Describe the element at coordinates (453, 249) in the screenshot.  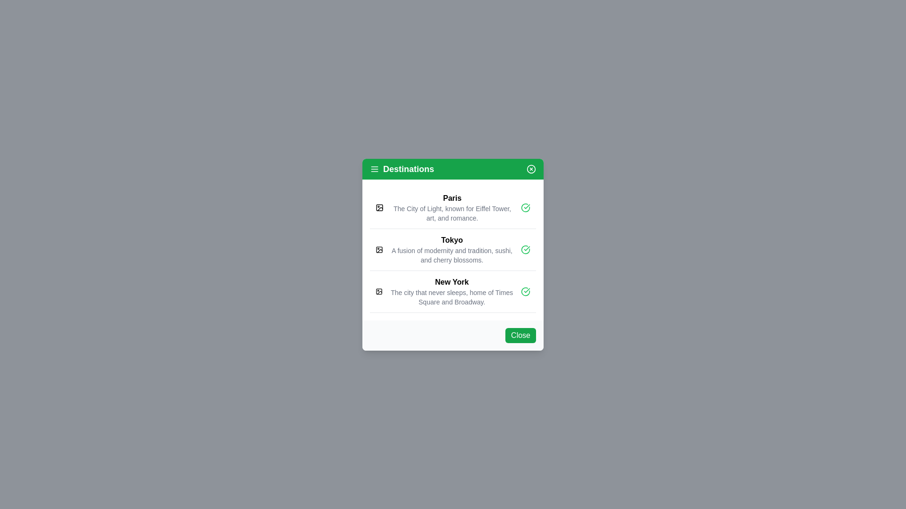
I see `the sub-elements contained within the 'Destinations' list in the modal component` at that location.